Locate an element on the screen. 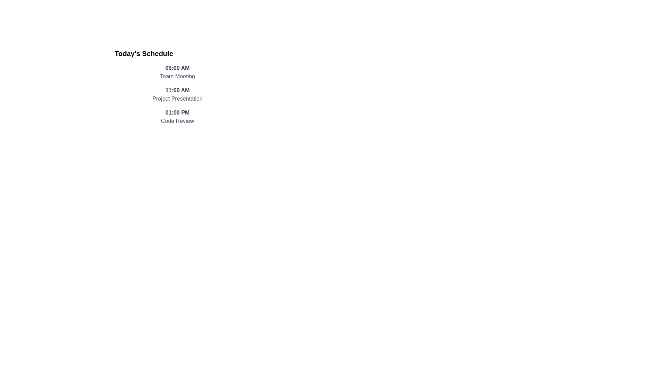 The image size is (669, 376). text content of the Text Label that informs about the 'Project Presentation' scheduled in the timeline, positioned below '11:00 AM' and above 'Code Review' is located at coordinates (177, 99).